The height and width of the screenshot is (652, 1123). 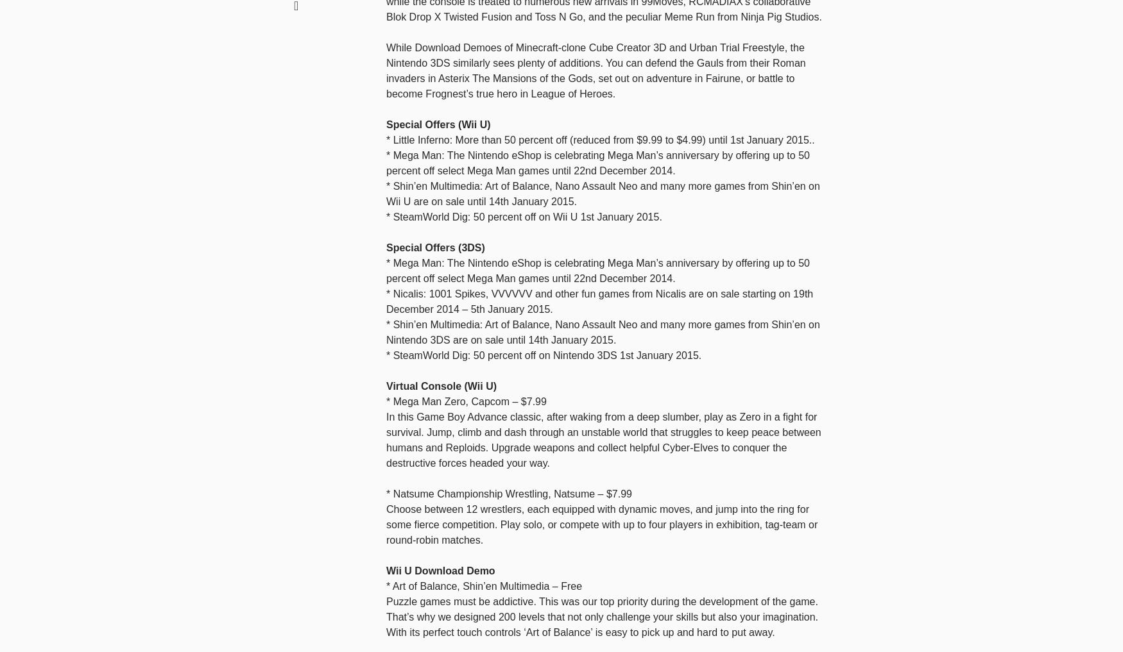 What do you see at coordinates (544, 355) in the screenshot?
I see `'* SteamWorld Dig: 50 percent off on Nintendo 3DS 1st January 2015.'` at bounding box center [544, 355].